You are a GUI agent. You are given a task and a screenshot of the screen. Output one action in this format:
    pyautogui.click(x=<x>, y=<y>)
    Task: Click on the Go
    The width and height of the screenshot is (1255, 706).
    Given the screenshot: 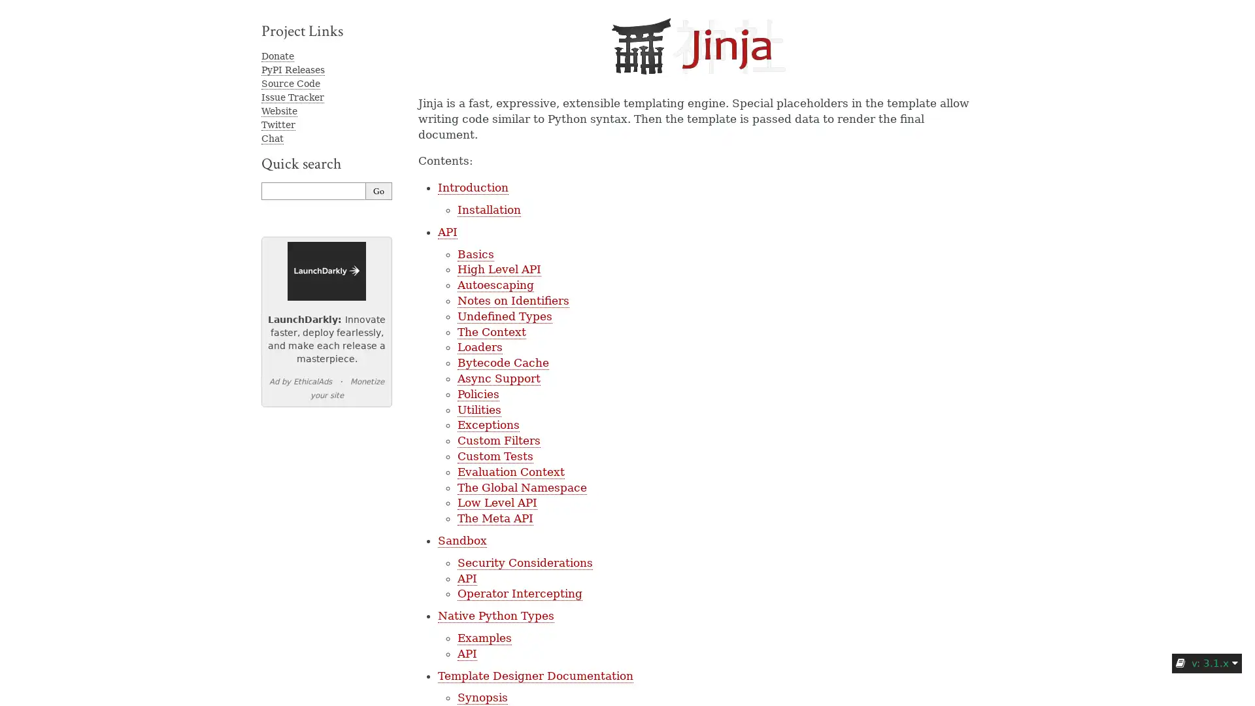 What is the action you would take?
    pyautogui.click(x=378, y=191)
    